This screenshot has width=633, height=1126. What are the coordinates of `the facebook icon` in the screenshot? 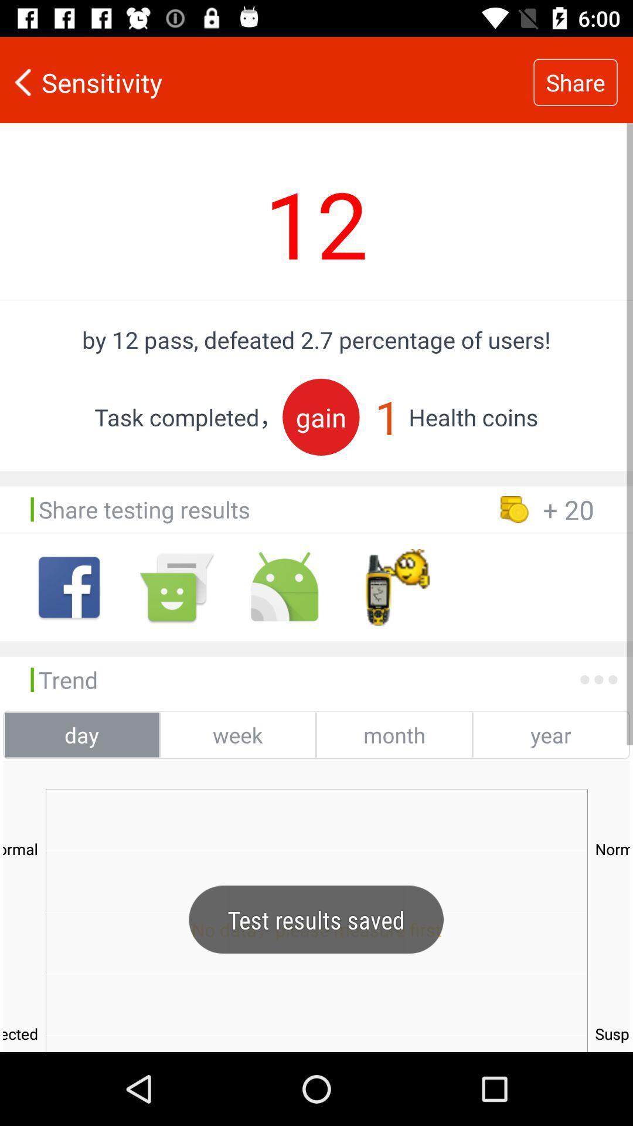 It's located at (69, 587).